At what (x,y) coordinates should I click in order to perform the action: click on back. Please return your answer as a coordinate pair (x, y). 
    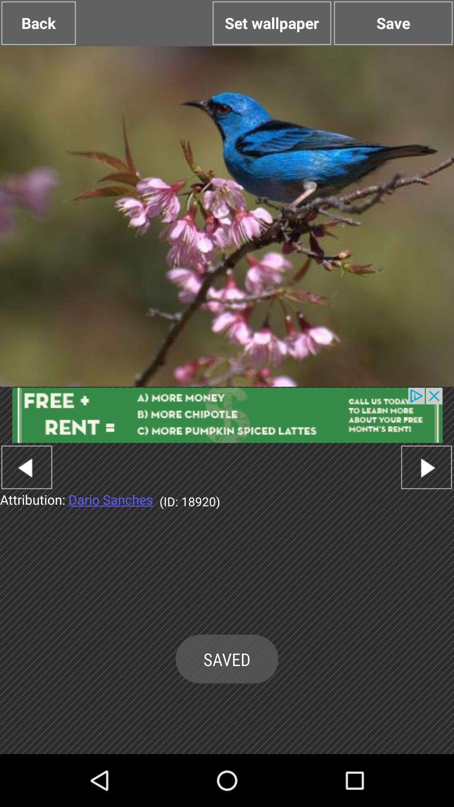
    Looking at the image, I should click on (26, 467).